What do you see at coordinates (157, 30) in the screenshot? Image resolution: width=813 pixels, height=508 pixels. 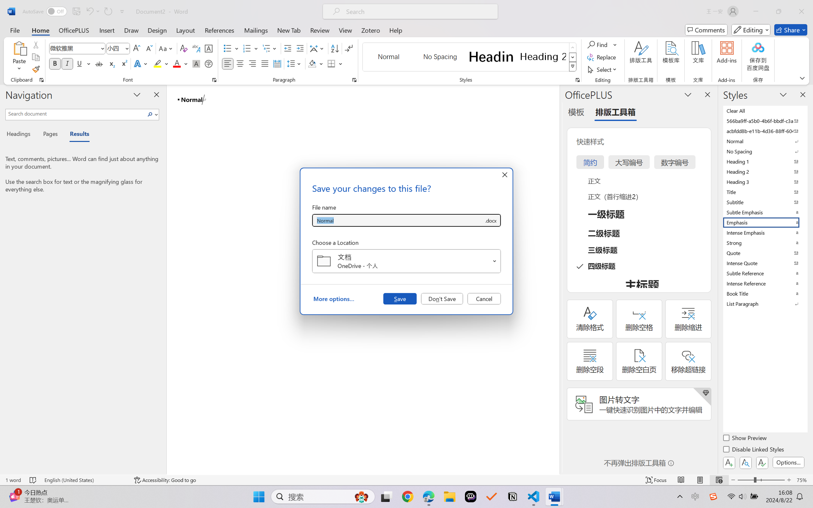 I see `'Design'` at bounding box center [157, 30].